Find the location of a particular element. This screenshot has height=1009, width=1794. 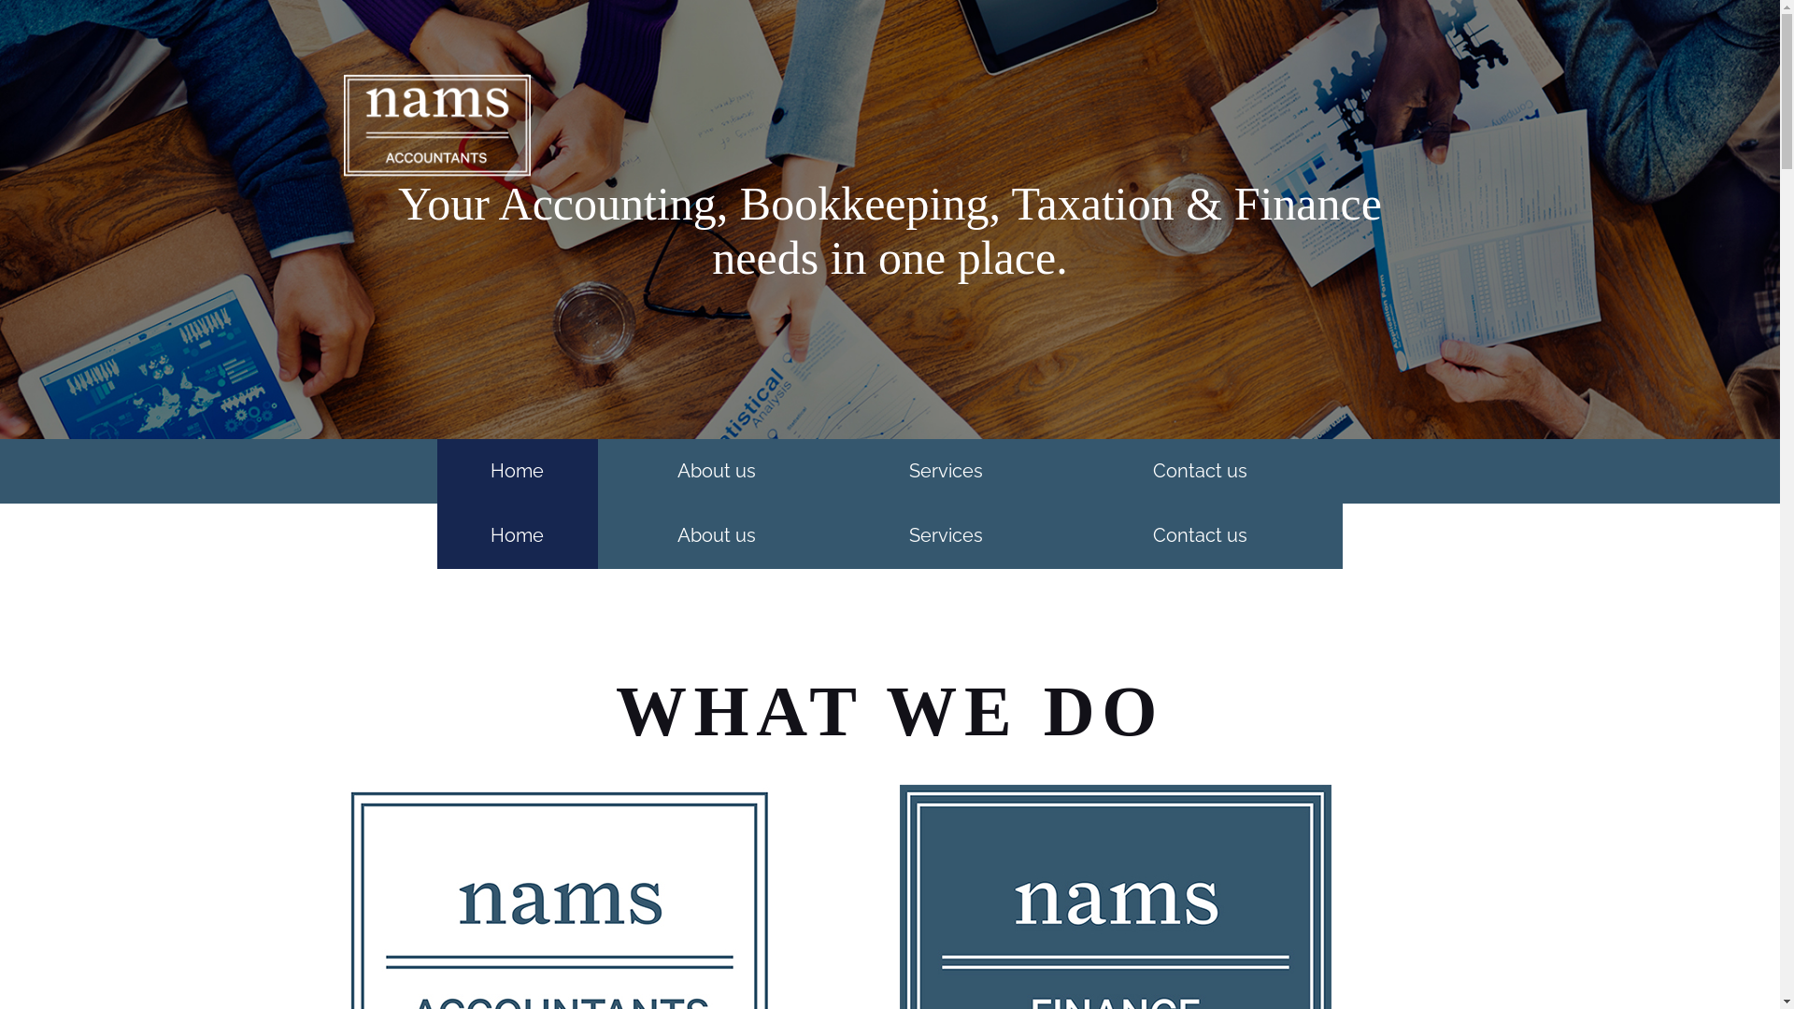

'Home' is located at coordinates (435, 535).